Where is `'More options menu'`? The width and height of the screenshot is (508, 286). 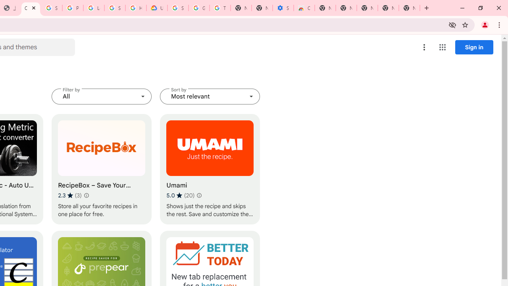 'More options menu' is located at coordinates (424, 47).